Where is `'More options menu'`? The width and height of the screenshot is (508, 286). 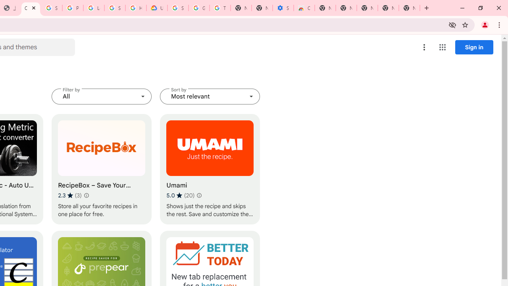 'More options menu' is located at coordinates (424, 47).